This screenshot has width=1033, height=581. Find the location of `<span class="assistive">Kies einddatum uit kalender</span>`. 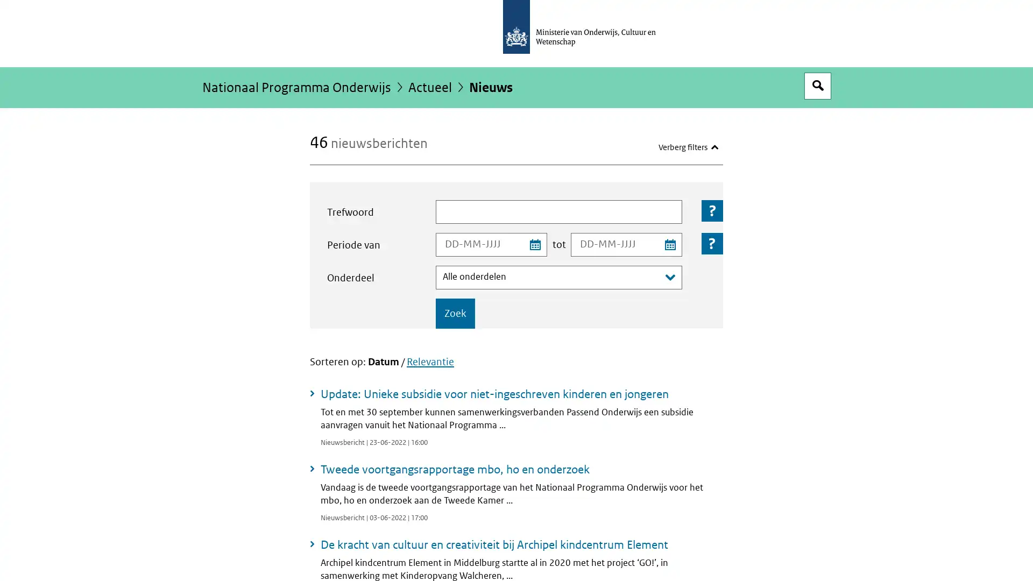

<span class="assistive">Kies einddatum uit kalender</span> is located at coordinates (669, 244).